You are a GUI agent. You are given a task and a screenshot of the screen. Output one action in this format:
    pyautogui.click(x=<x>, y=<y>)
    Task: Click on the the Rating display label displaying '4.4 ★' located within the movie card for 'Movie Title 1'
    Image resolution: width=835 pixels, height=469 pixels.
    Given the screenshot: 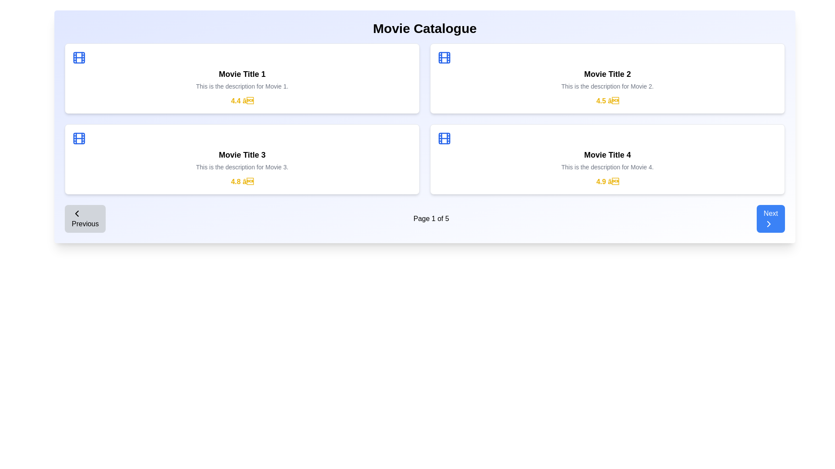 What is the action you would take?
    pyautogui.click(x=242, y=100)
    